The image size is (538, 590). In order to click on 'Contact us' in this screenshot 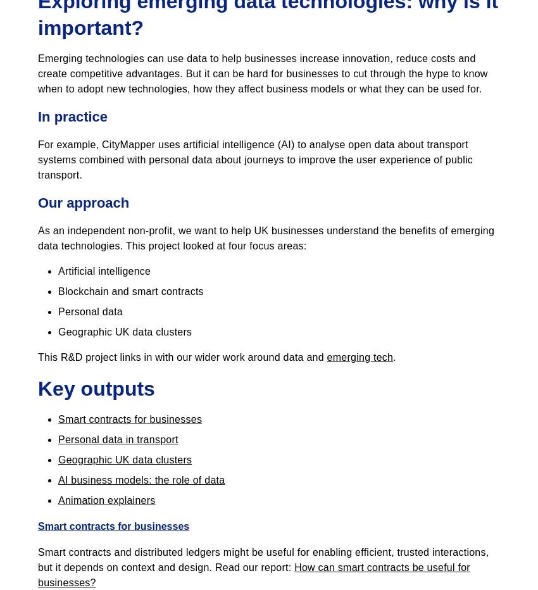, I will do `click(62, 536)`.